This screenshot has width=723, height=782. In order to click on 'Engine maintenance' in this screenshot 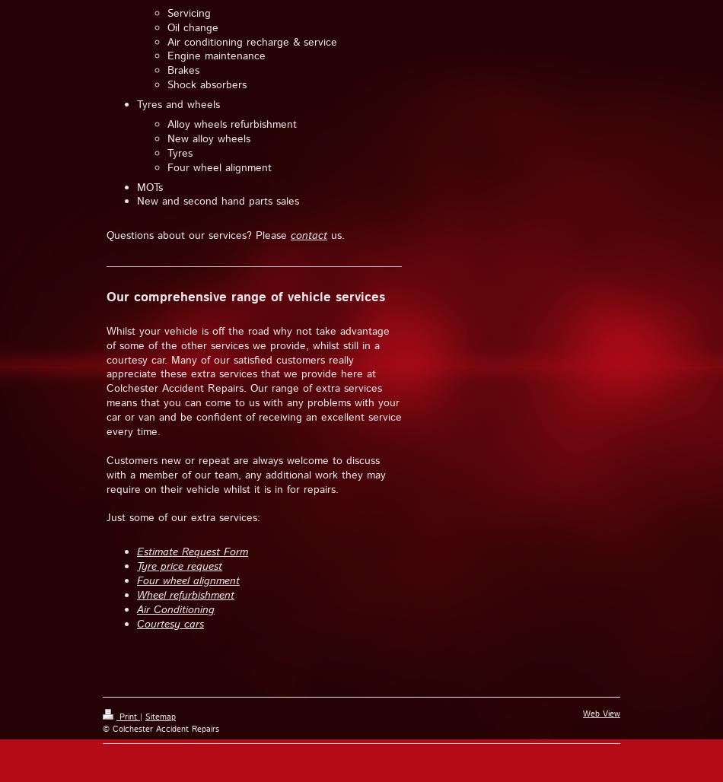, I will do `click(167, 56)`.